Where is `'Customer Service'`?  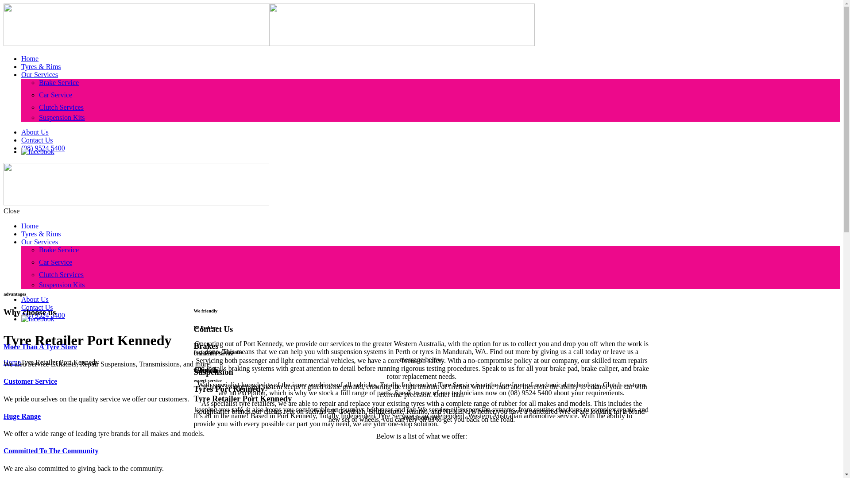 'Customer Service' is located at coordinates (30, 381).